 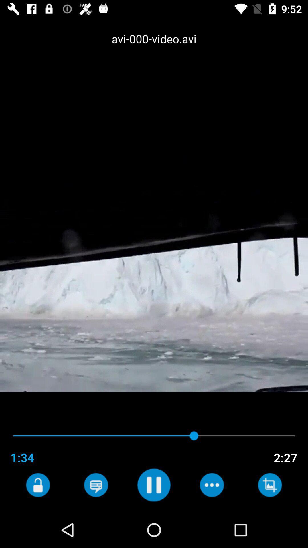 I want to click on the pause icon, so click(x=153, y=485).